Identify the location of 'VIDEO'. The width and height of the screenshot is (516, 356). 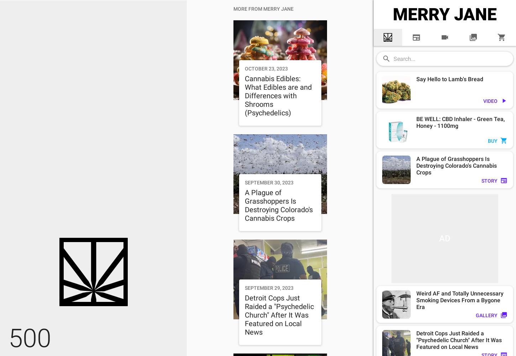
(490, 101).